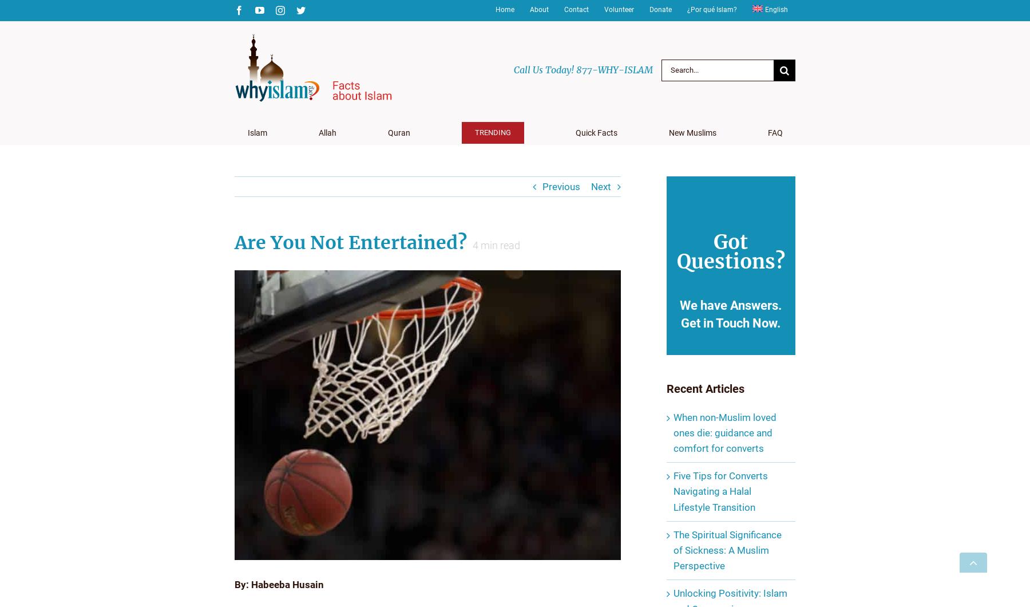 The width and height of the screenshot is (1030, 607). What do you see at coordinates (278, 584) in the screenshot?
I see `'By: Habeeba Husain'` at bounding box center [278, 584].